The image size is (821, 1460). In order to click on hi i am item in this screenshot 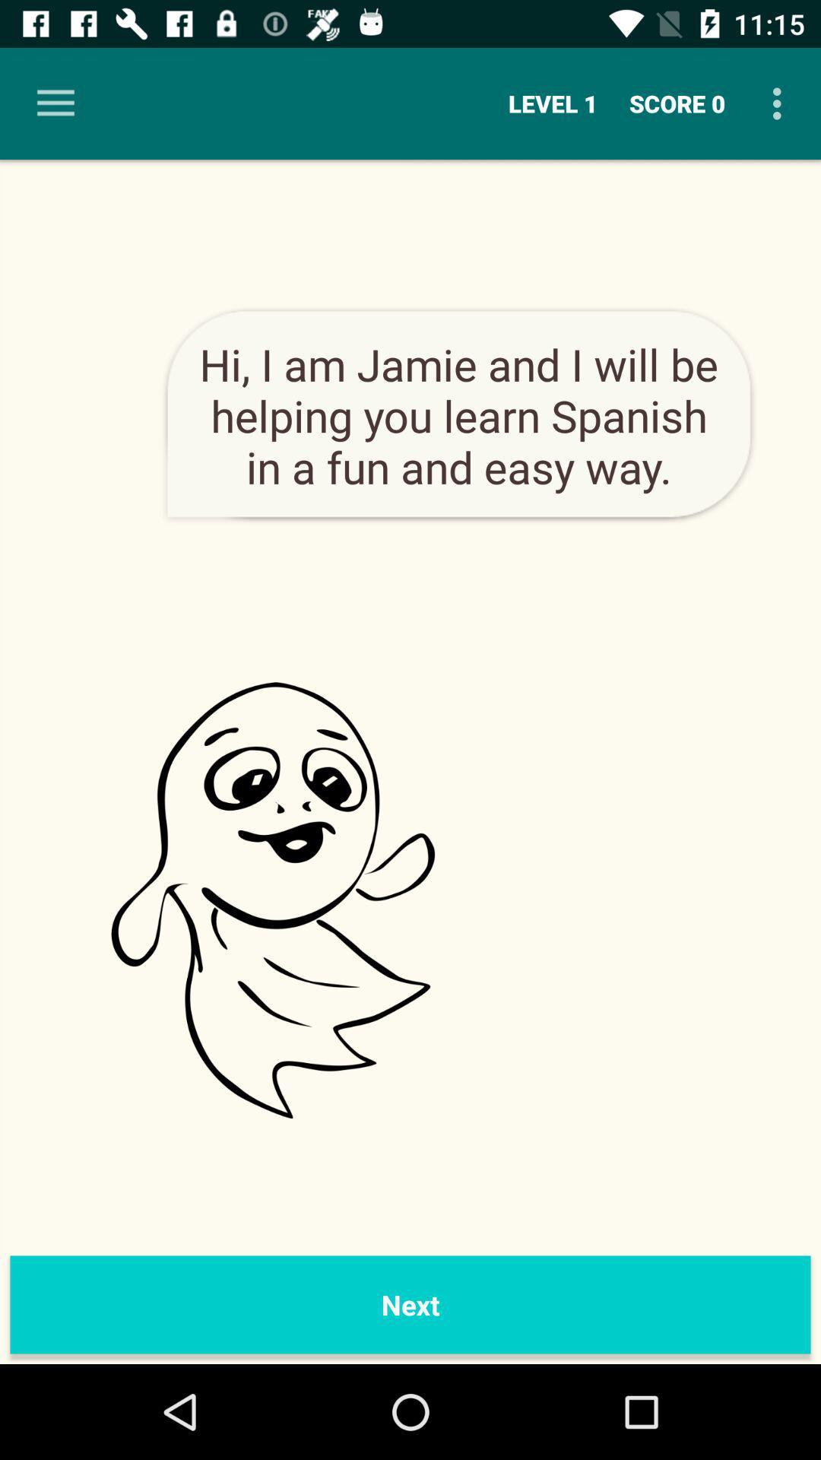, I will do `click(458, 415)`.